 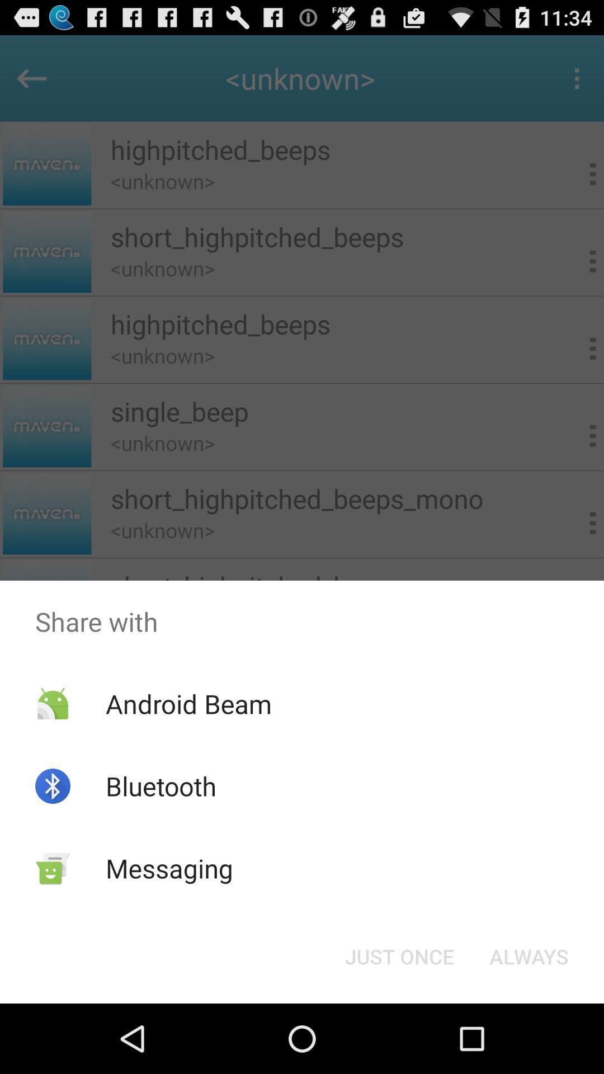 I want to click on item below the android beam icon, so click(x=161, y=785).